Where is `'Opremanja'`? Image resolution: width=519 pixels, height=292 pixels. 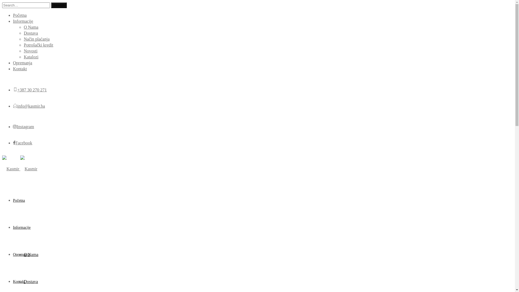
'Opremanja' is located at coordinates (22, 62).